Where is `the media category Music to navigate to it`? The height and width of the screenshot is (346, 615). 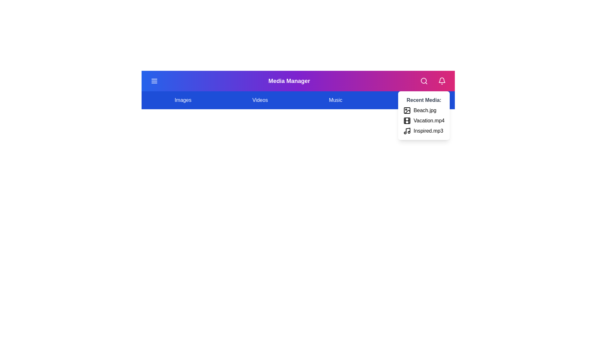 the media category Music to navigate to it is located at coordinates (335, 100).